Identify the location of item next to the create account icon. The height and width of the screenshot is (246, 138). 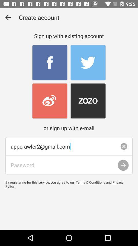
(8, 17).